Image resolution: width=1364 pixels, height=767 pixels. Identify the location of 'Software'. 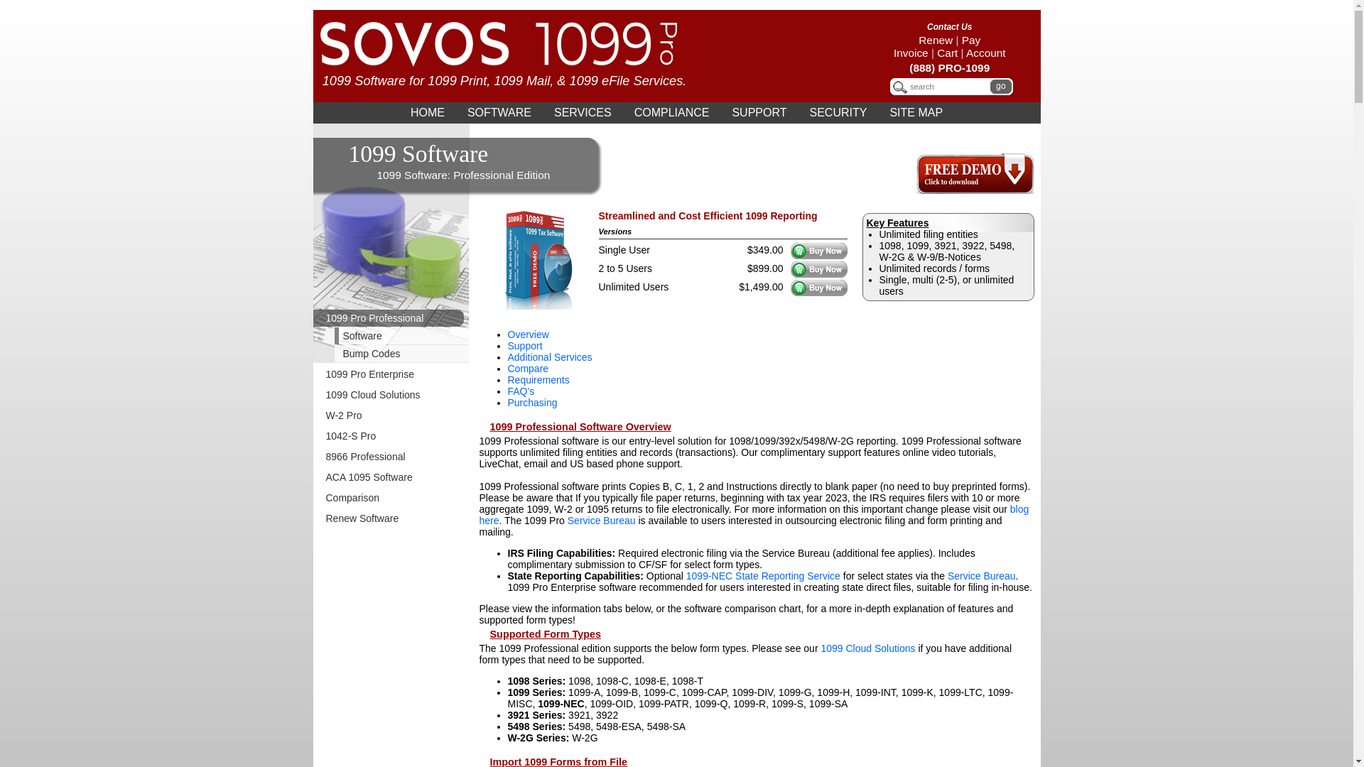
(312, 336).